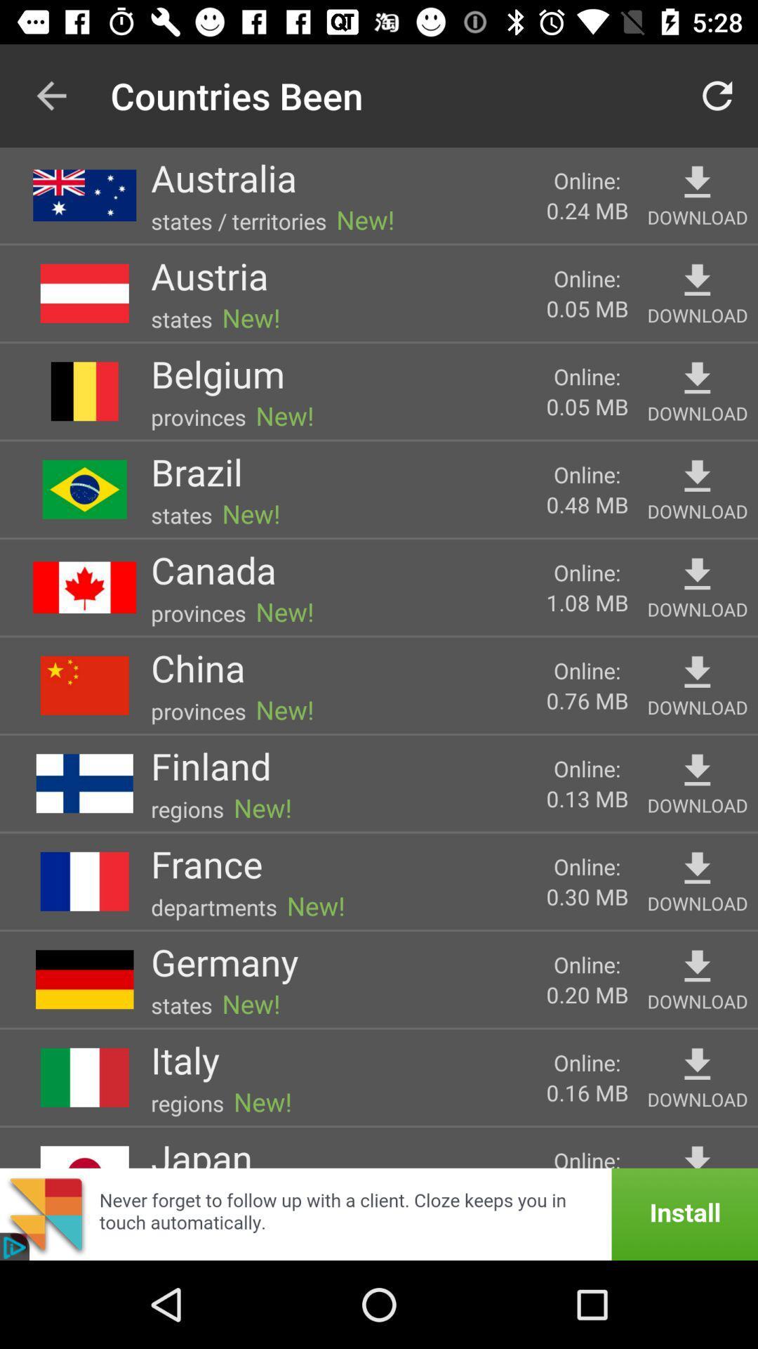 The image size is (758, 1349). I want to click on the icon next to download item, so click(587, 602).